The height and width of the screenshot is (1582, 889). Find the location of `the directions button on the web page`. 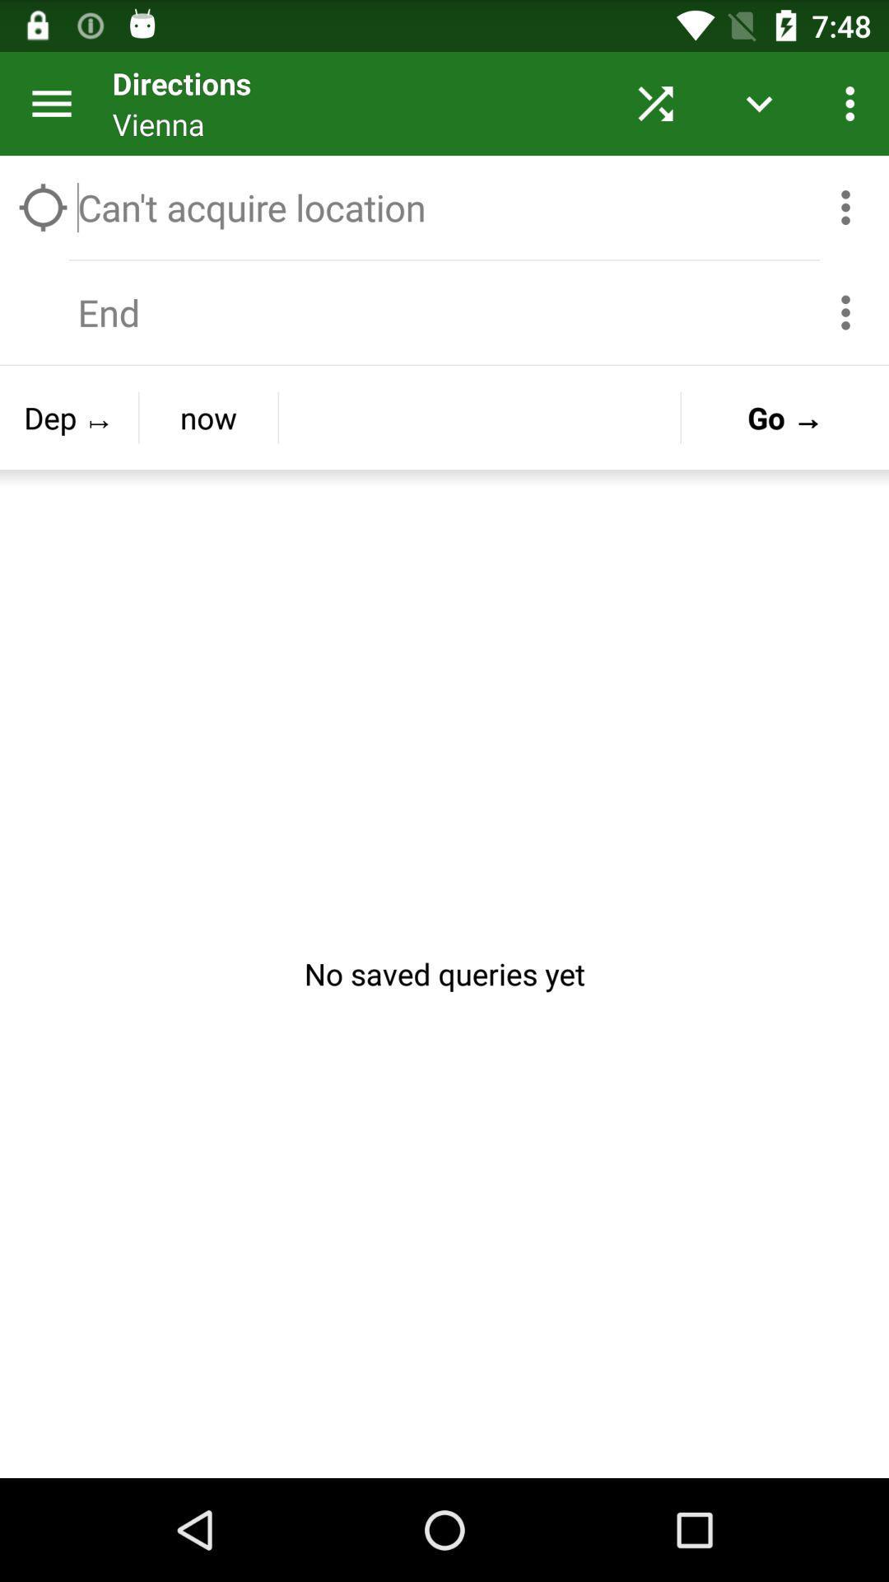

the directions button on the web page is located at coordinates (352, 102).